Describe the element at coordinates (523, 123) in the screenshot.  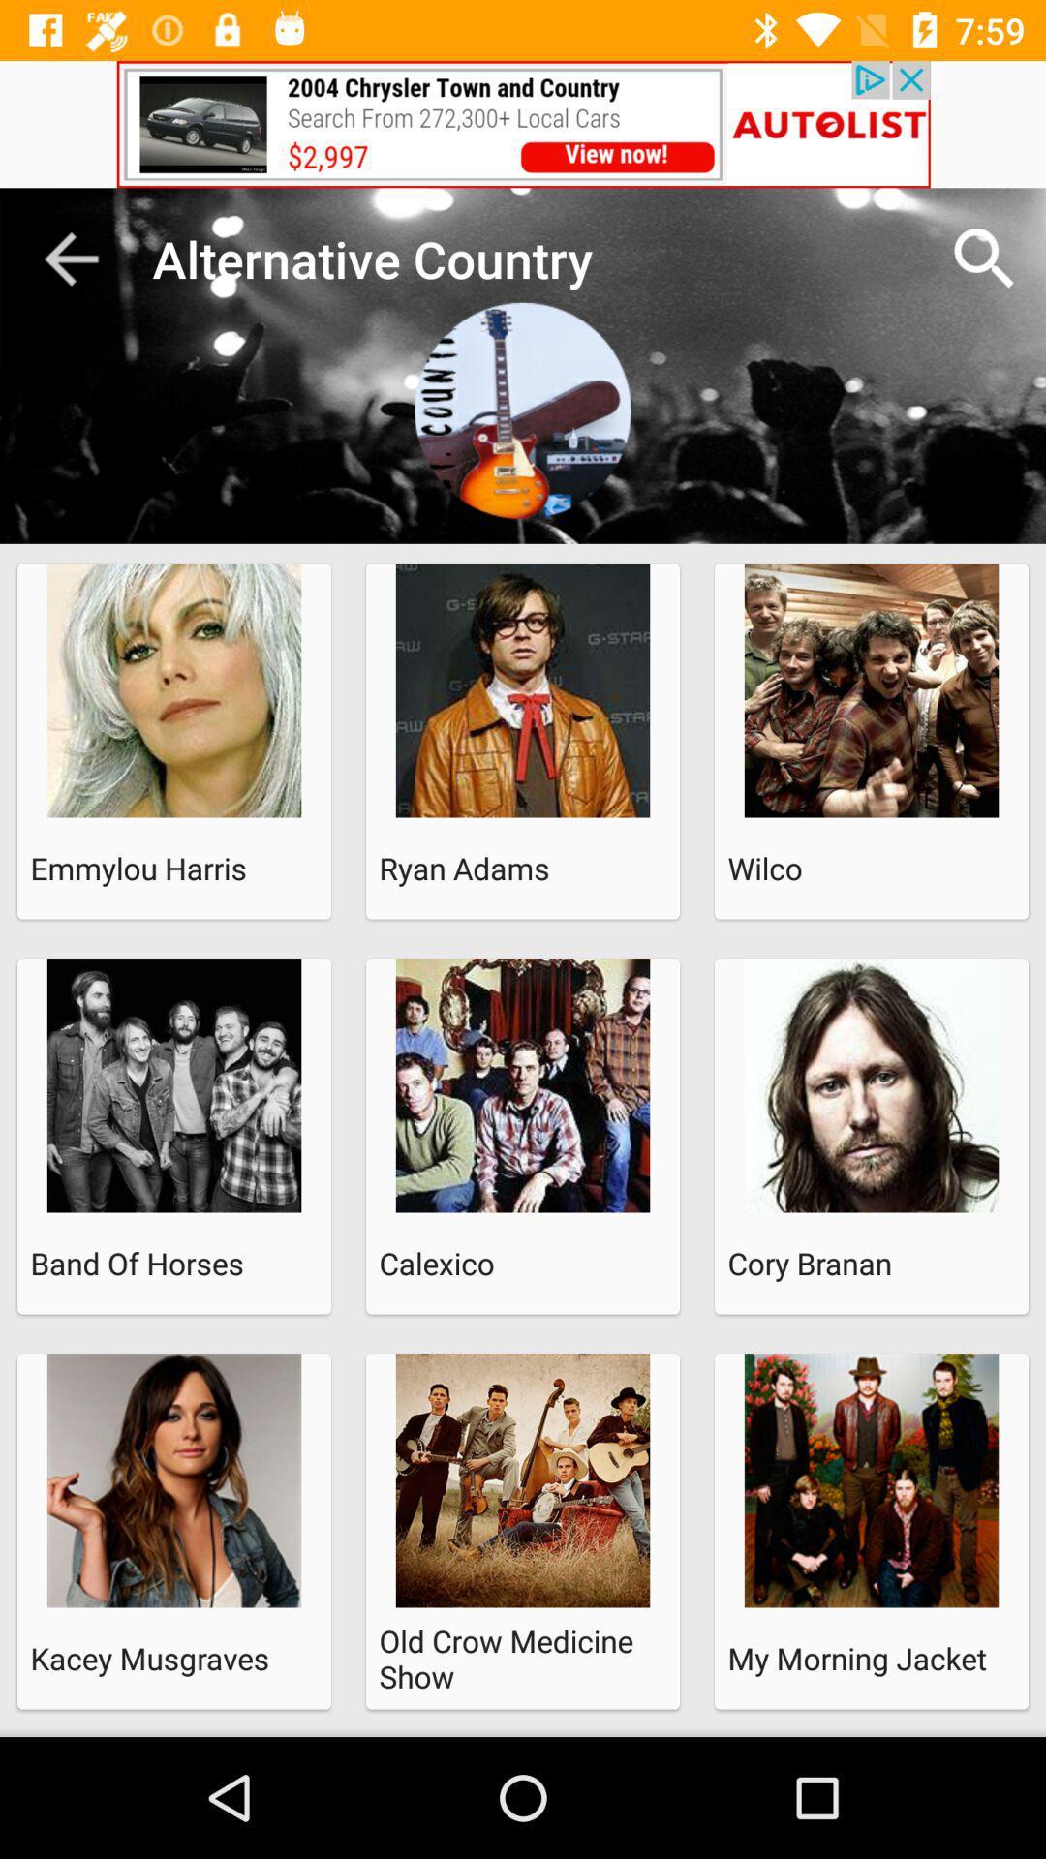
I see `advertisement image` at that location.